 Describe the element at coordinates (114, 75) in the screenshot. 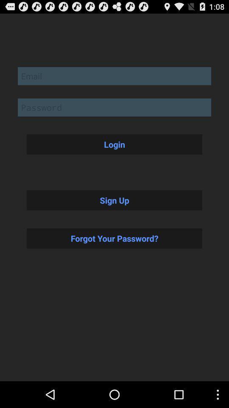

I see `email` at that location.